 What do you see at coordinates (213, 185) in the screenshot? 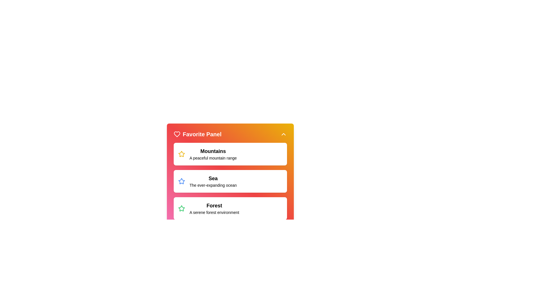
I see `the text label displaying 'The ever-expanding ocean' located in the 'Favorite Panel' under the 'Sea' header` at bounding box center [213, 185].